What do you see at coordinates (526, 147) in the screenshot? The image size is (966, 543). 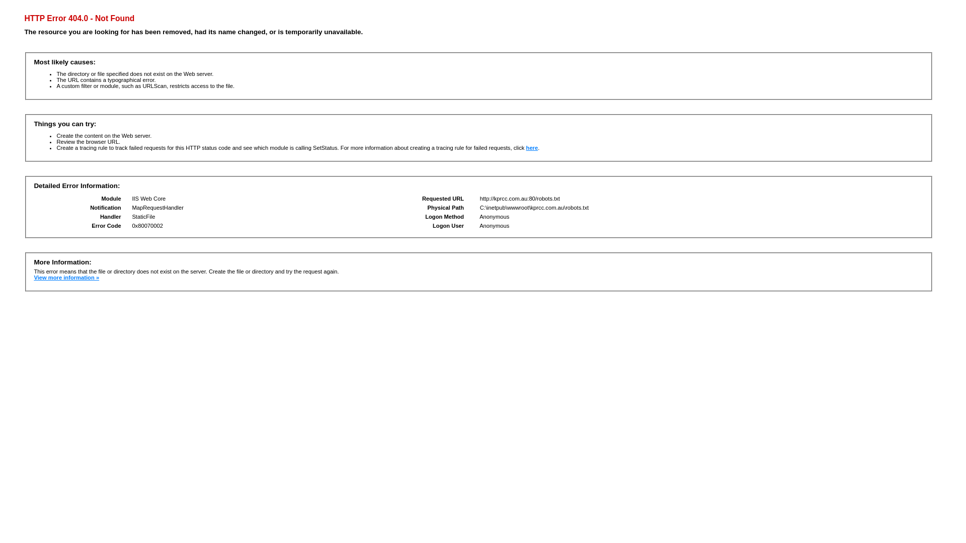 I see `'here'` at bounding box center [526, 147].